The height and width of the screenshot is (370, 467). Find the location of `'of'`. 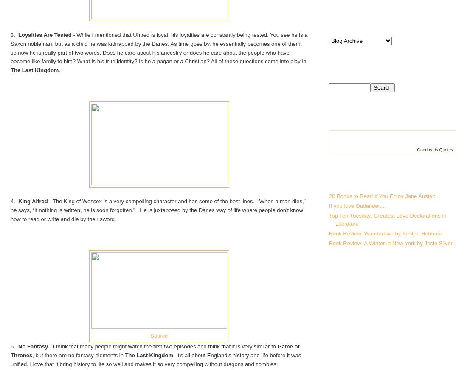

'of' is located at coordinates (296, 346).